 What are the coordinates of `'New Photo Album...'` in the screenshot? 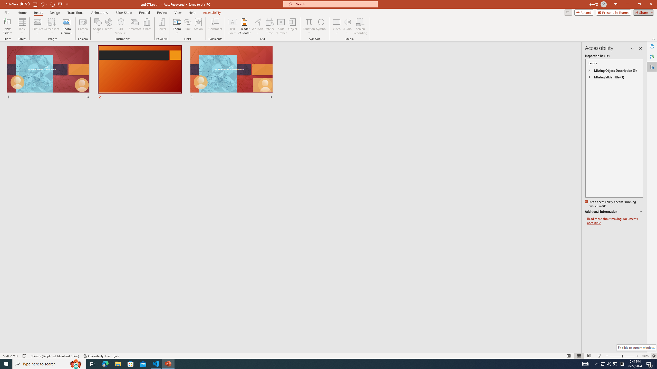 It's located at (66, 22).